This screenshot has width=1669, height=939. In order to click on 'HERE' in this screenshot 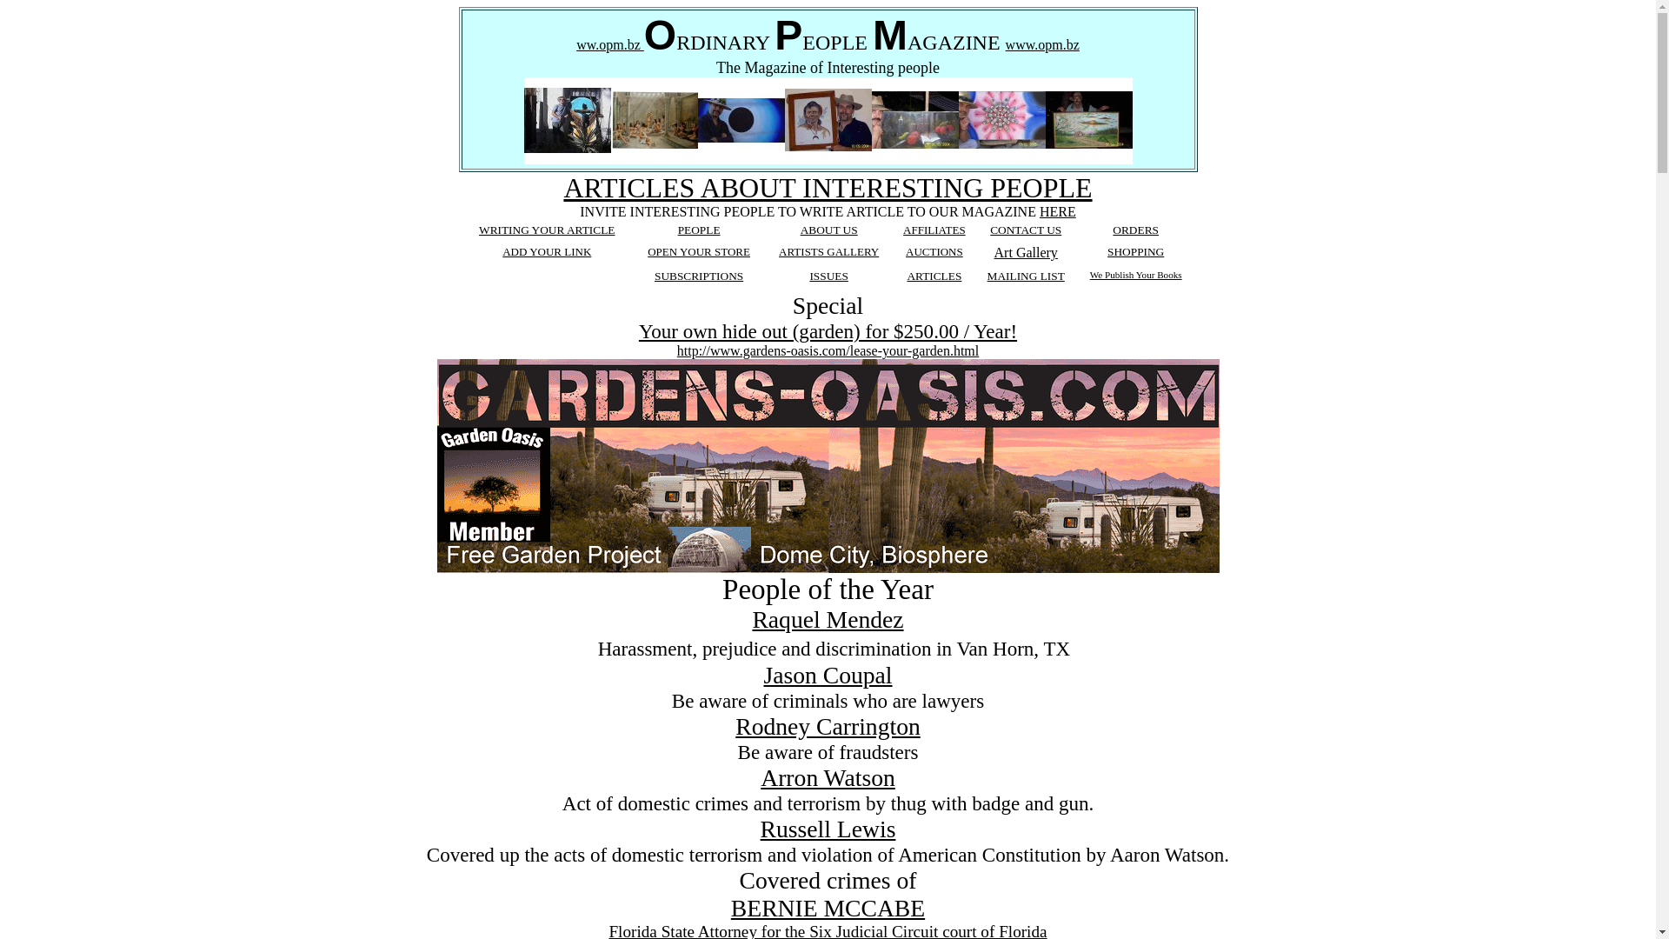, I will do `click(1057, 210)`.